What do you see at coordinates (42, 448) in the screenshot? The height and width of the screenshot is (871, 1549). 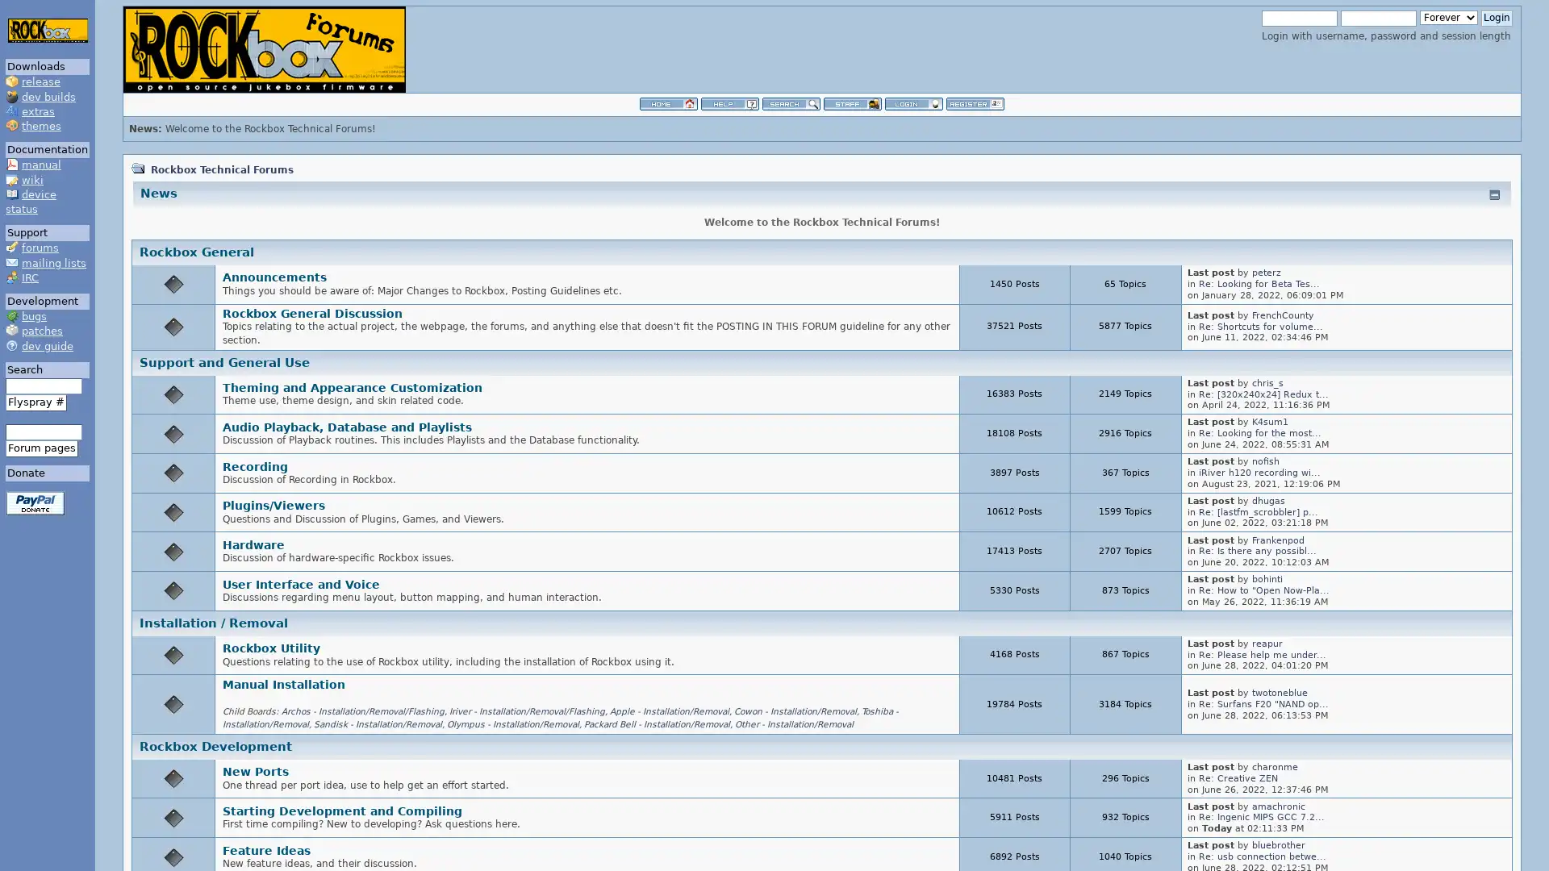 I see `Forum pages` at bounding box center [42, 448].